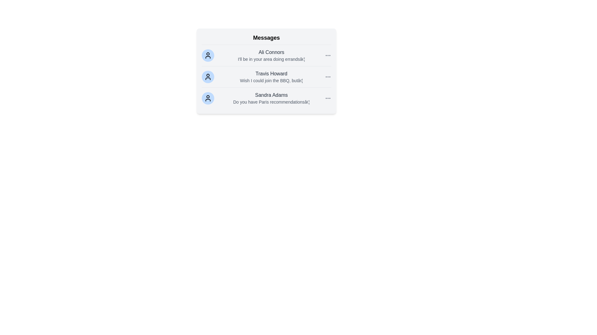  What do you see at coordinates (271, 55) in the screenshot?
I see `the first message list item displaying the sender's name and message preview` at bounding box center [271, 55].